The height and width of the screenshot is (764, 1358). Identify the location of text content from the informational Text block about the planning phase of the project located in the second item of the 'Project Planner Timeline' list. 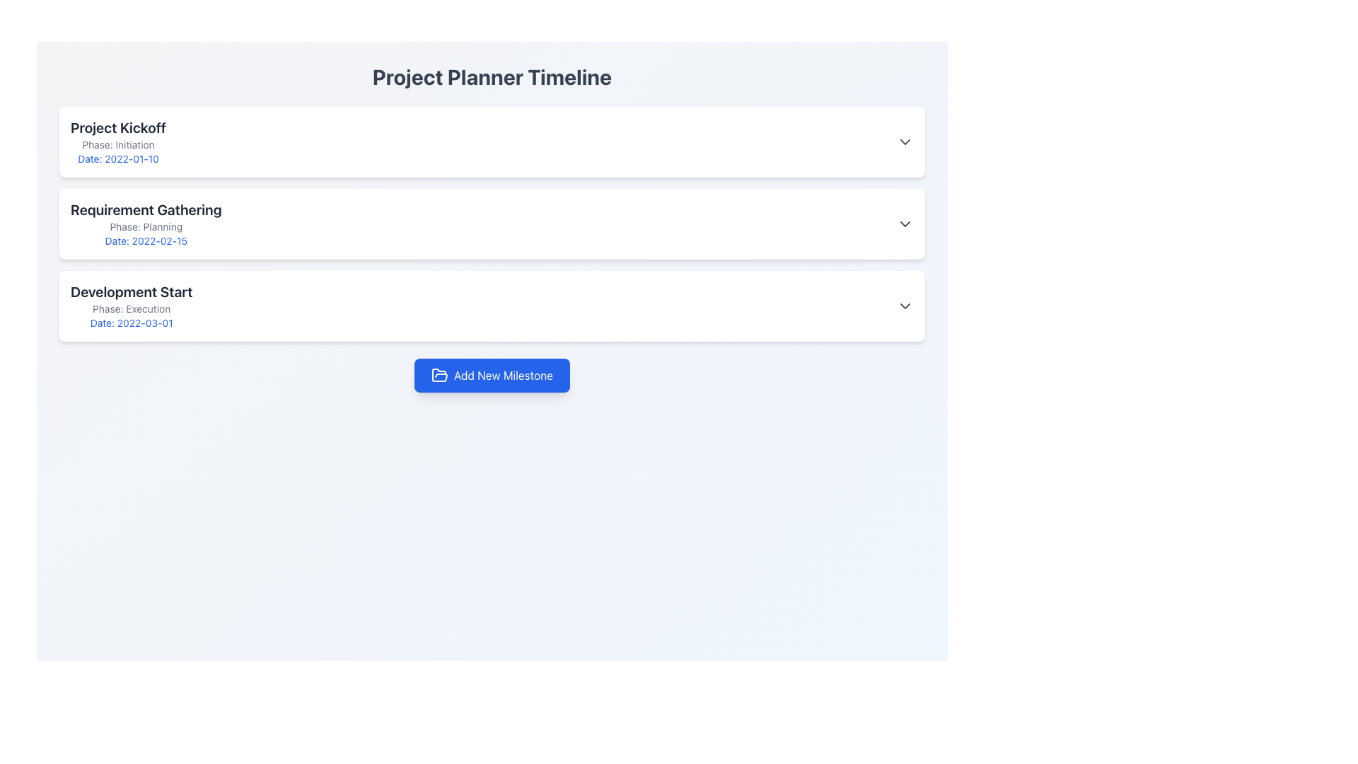
(146, 223).